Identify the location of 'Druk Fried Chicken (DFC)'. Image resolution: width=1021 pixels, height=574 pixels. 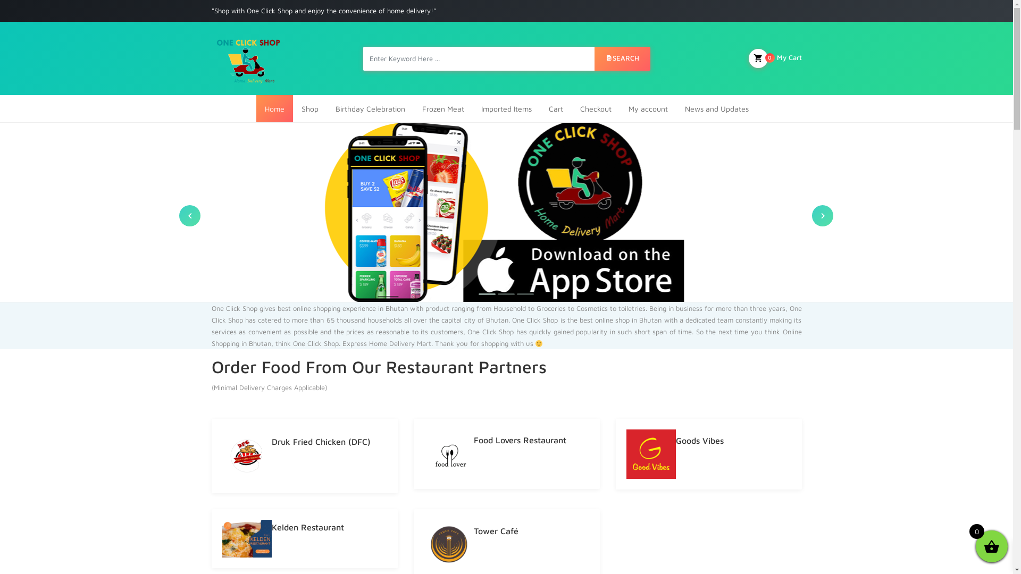
(320, 444).